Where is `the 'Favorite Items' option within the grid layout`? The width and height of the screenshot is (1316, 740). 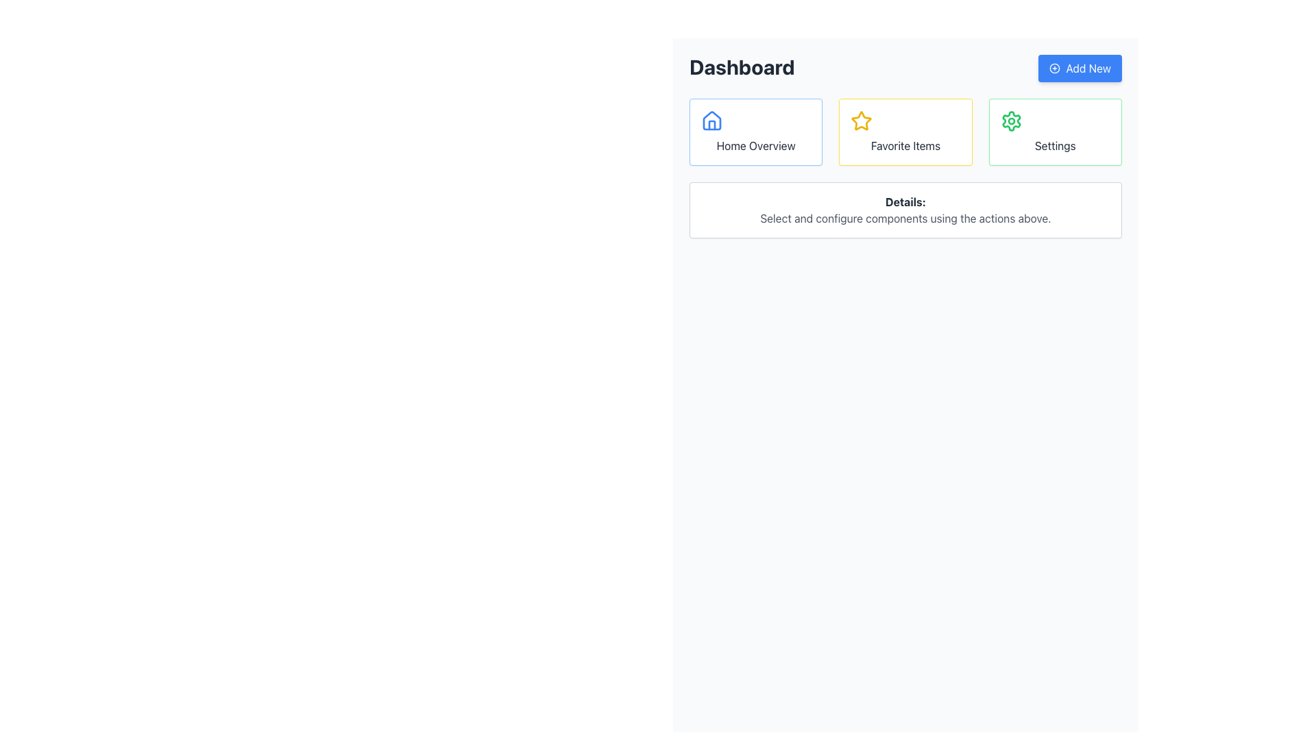
the 'Favorite Items' option within the grid layout is located at coordinates (905, 132).